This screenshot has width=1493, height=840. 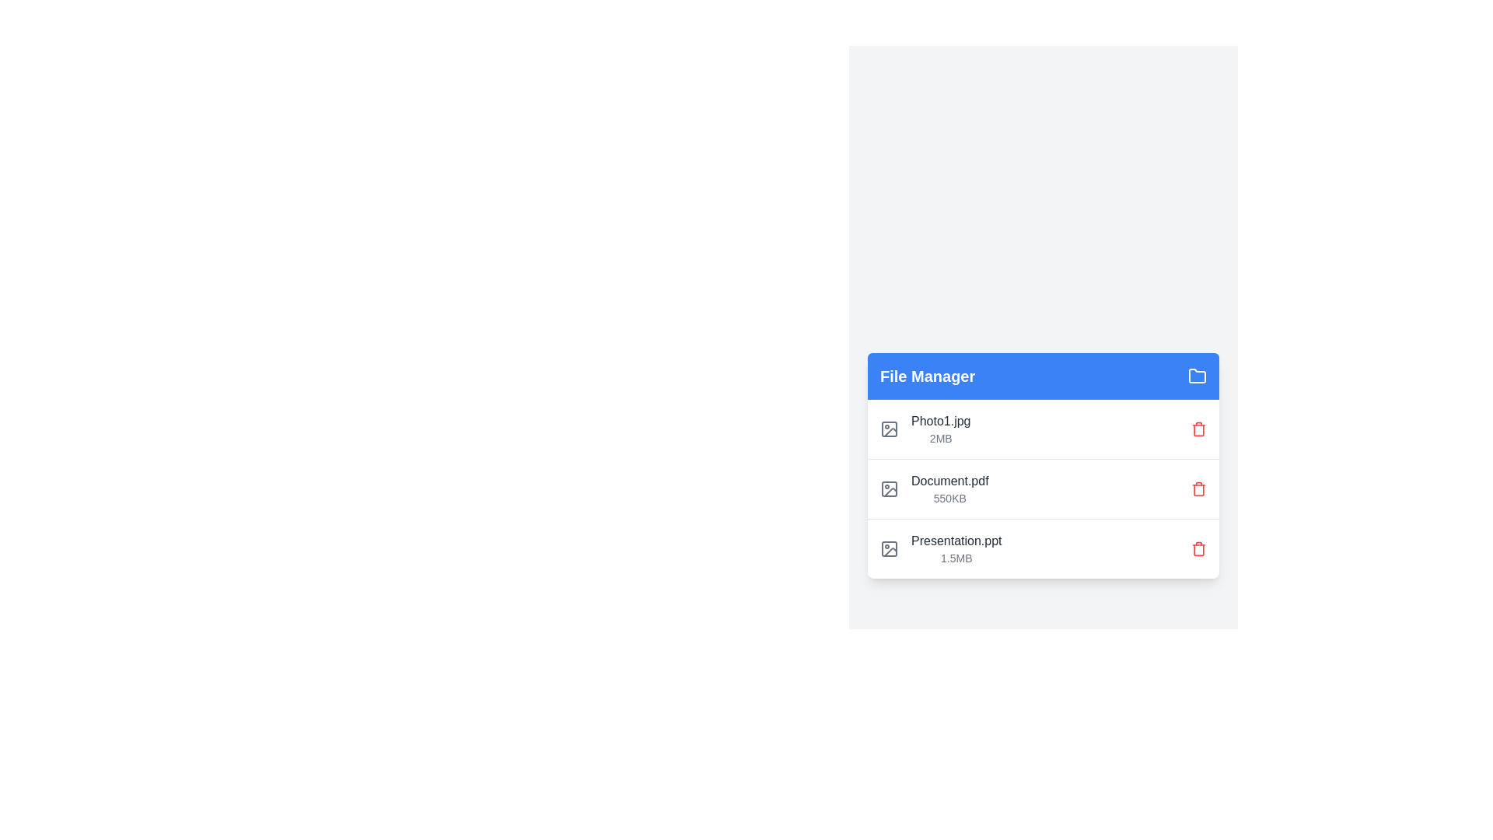 I want to click on the third file list item, so click(x=939, y=548).